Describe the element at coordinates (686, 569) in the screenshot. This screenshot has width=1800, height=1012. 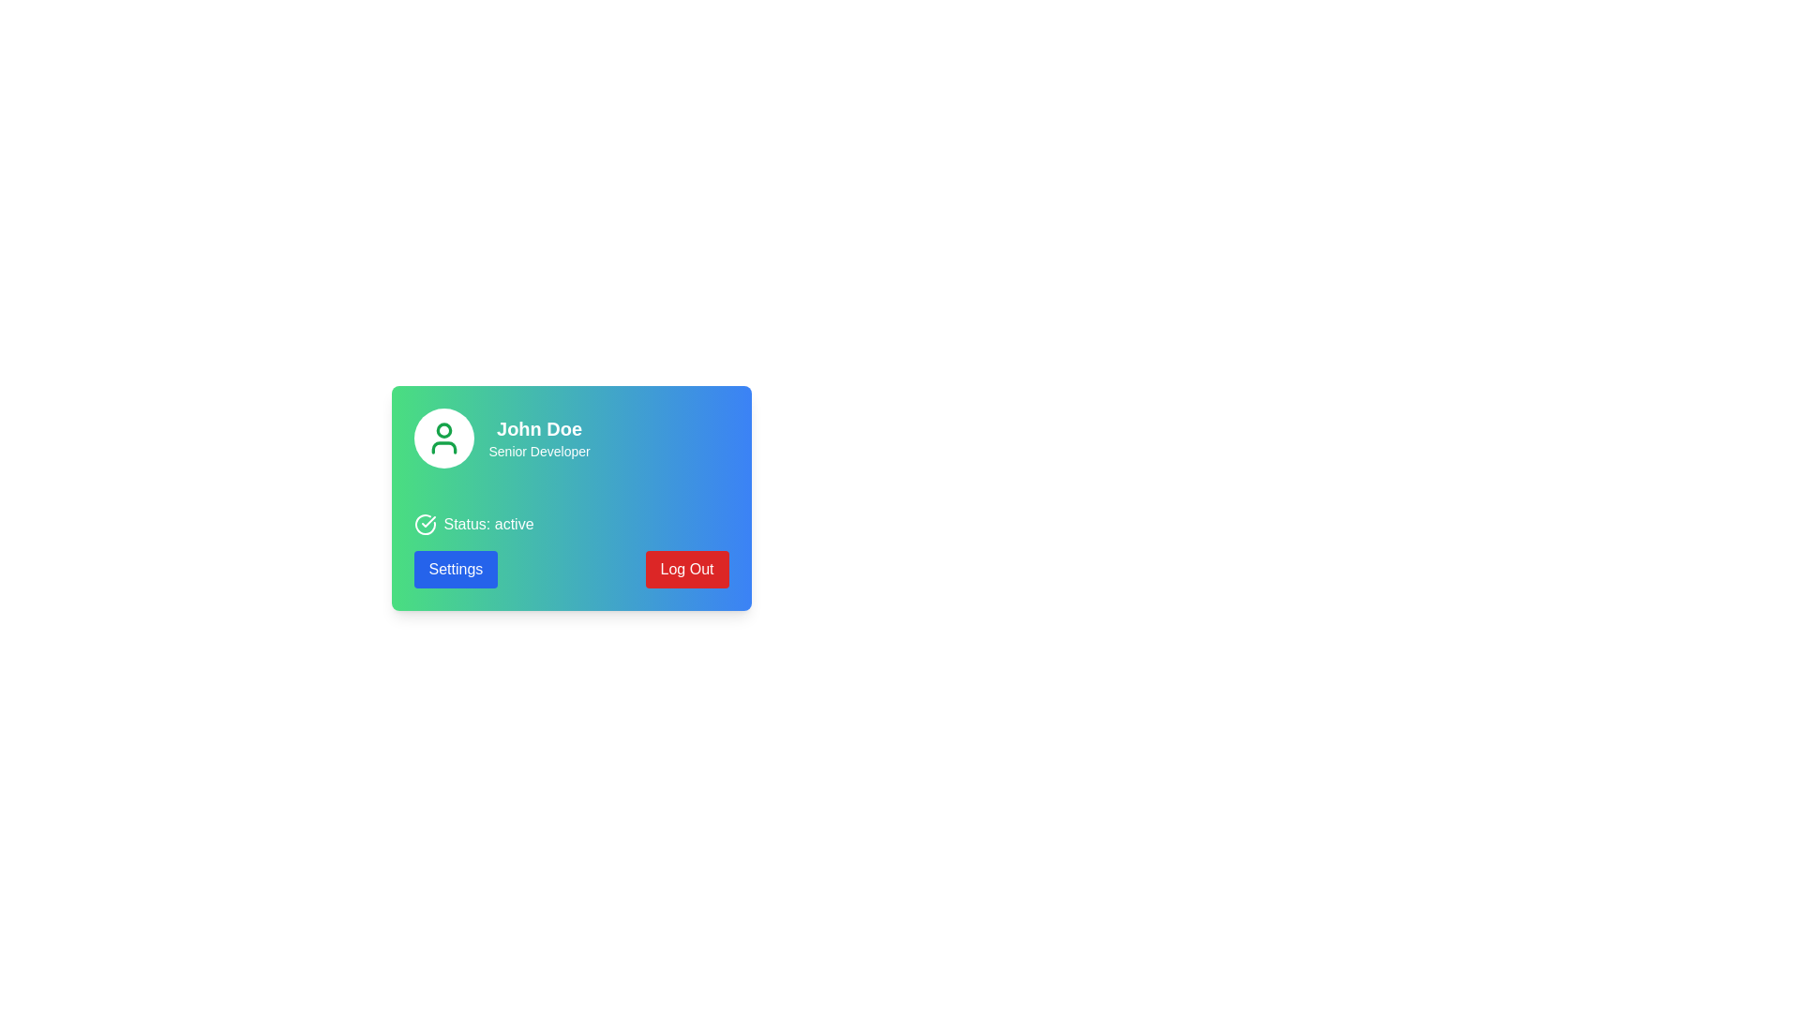
I see `the logout button located at the bottom right of the card-like structure to log out of the system` at that location.